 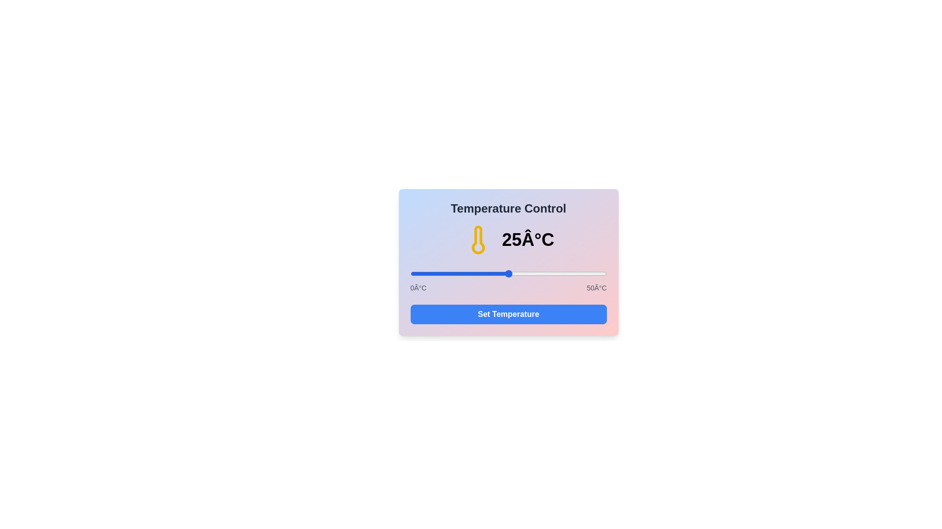 What do you see at coordinates (547, 274) in the screenshot?
I see `the temperature slider to 35°C` at bounding box center [547, 274].